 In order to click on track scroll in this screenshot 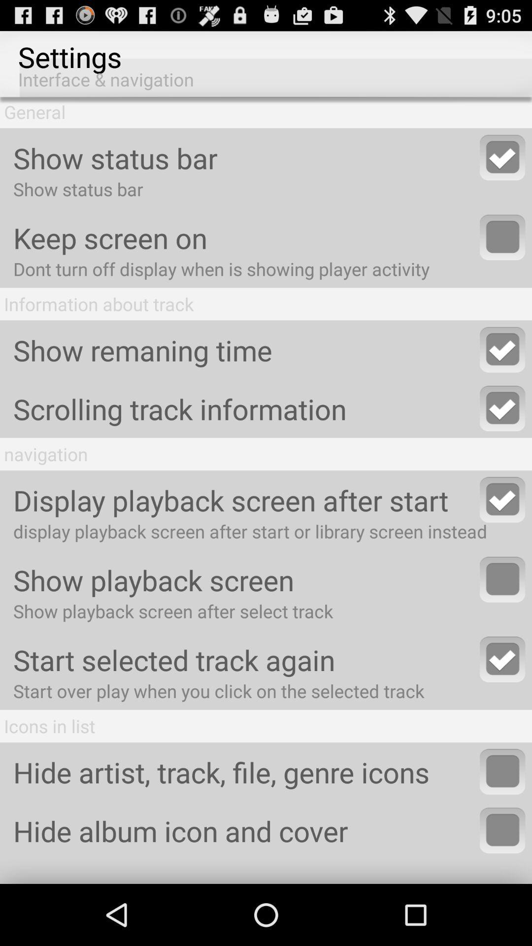, I will do `click(502, 408)`.